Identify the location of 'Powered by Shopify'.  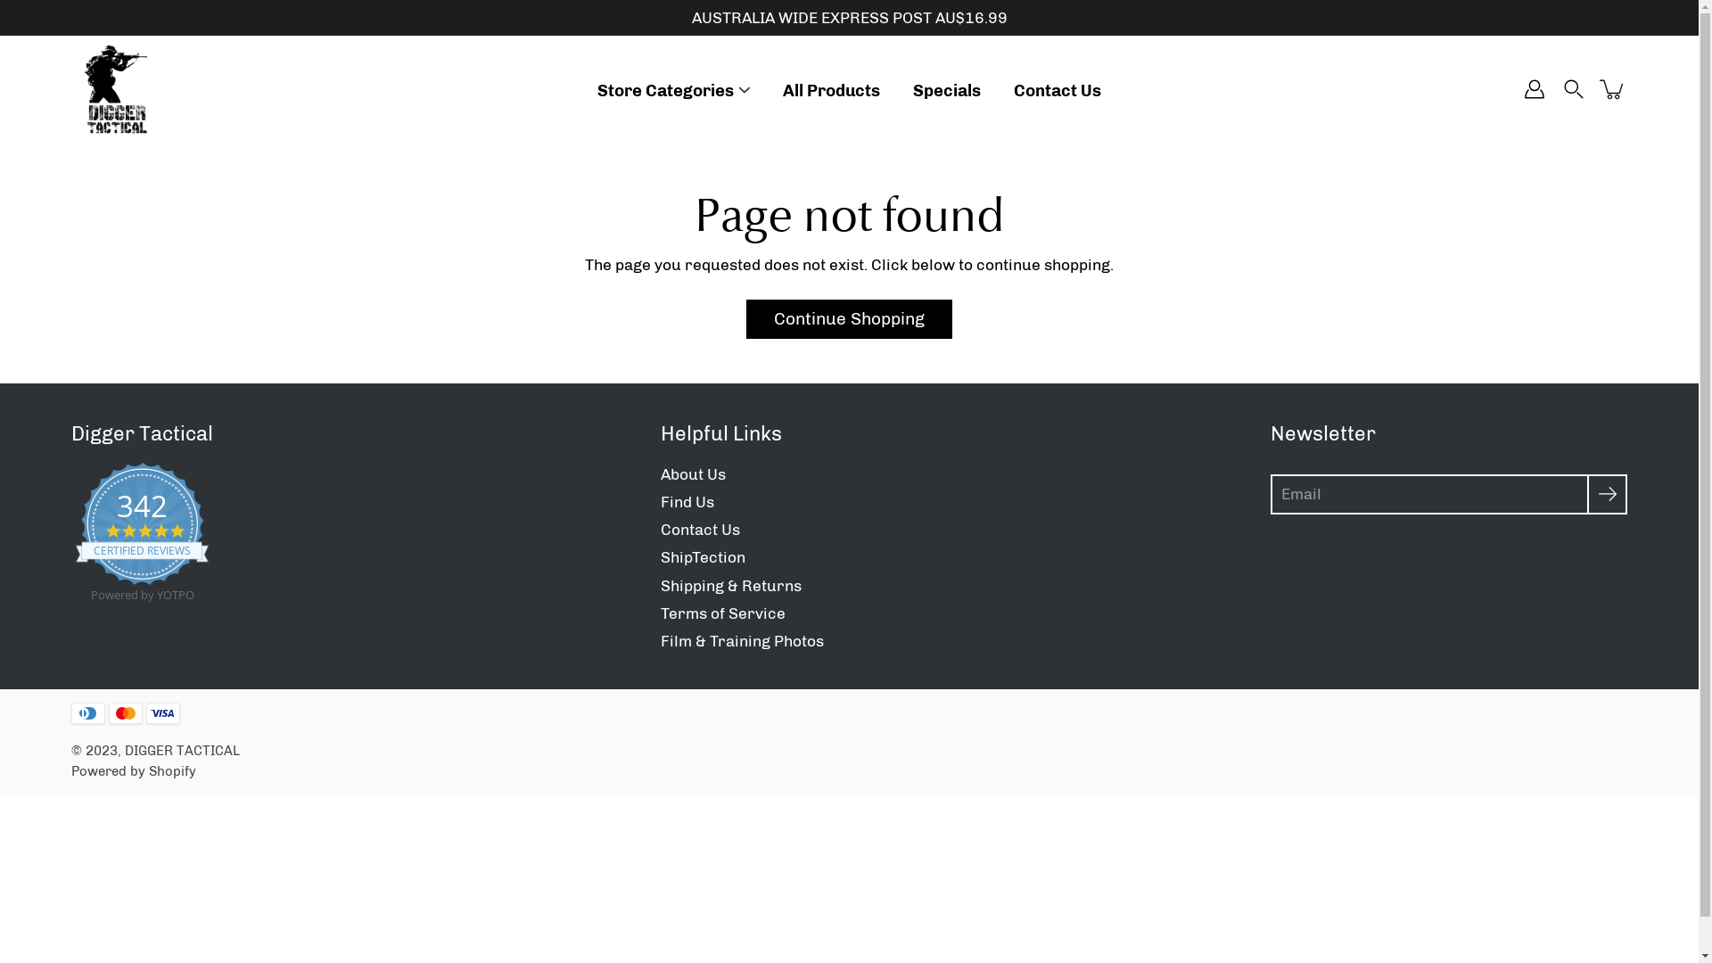
(132, 770).